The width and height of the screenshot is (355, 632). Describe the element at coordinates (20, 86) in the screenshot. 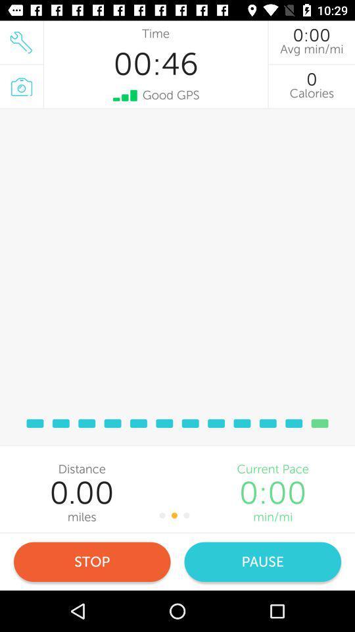

I see `the photo icon` at that location.